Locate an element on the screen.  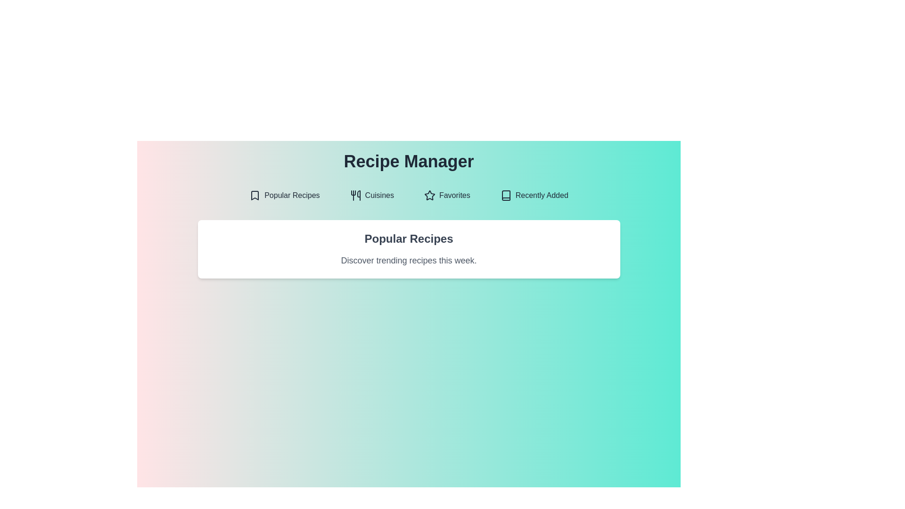
the Favorites tab is located at coordinates (446, 195).